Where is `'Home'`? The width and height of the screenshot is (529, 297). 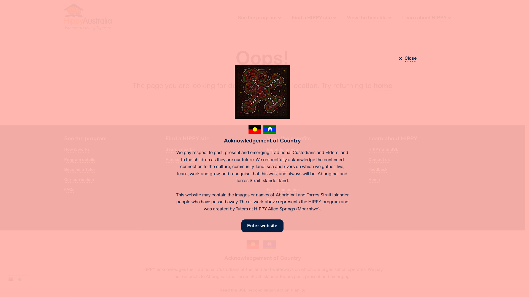 'Home' is located at coordinates (374, 180).